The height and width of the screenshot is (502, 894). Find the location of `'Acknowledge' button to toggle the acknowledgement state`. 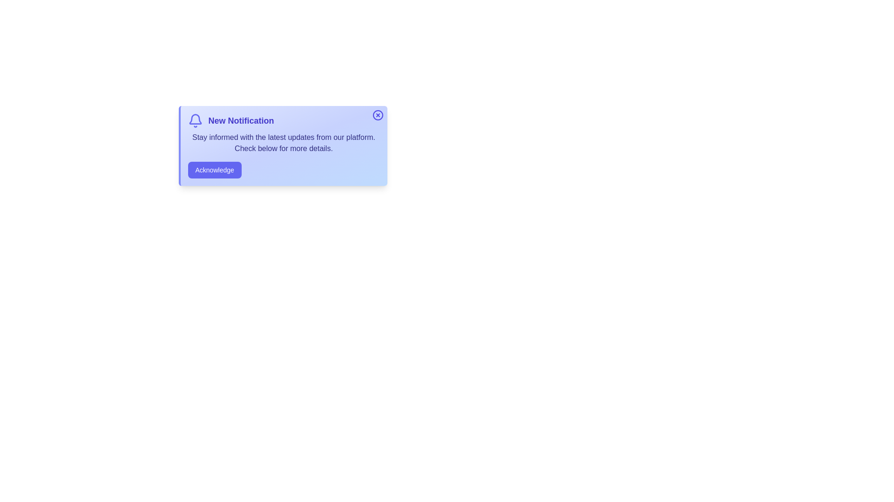

'Acknowledge' button to toggle the acknowledgement state is located at coordinates (214, 170).